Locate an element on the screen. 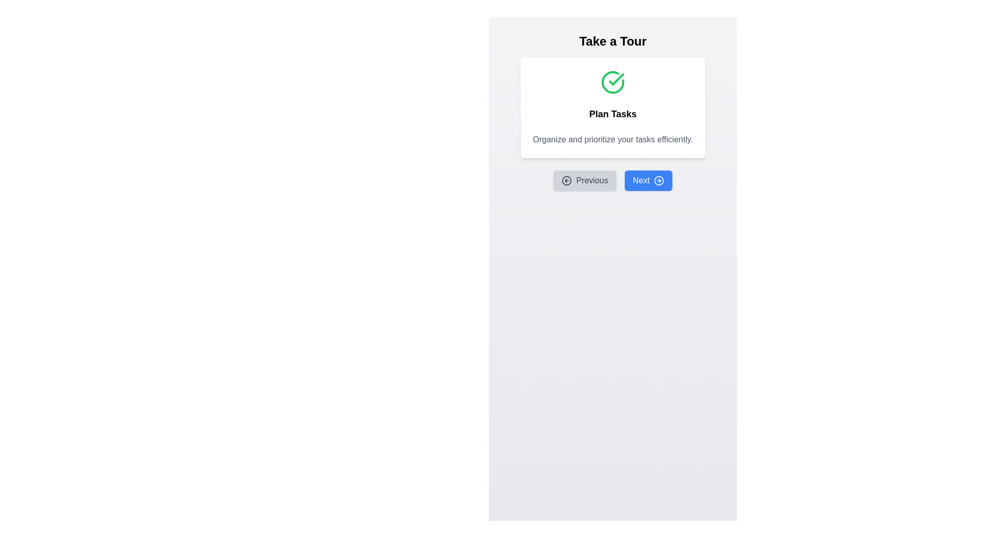 The height and width of the screenshot is (553, 984). the outer circular part of the right arrow icon within the blue 'Next' button is located at coordinates (659, 180).